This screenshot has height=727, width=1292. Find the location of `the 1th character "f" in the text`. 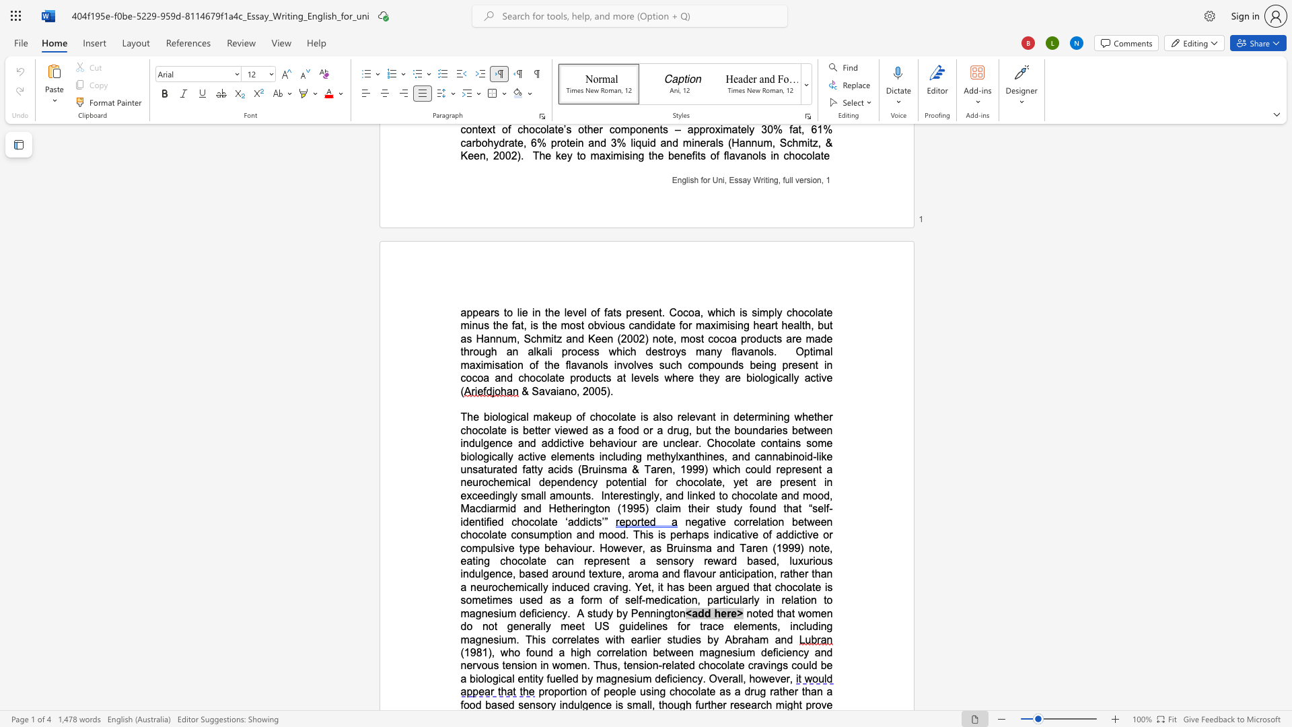

the 1th character "f" in the text is located at coordinates (583, 416).